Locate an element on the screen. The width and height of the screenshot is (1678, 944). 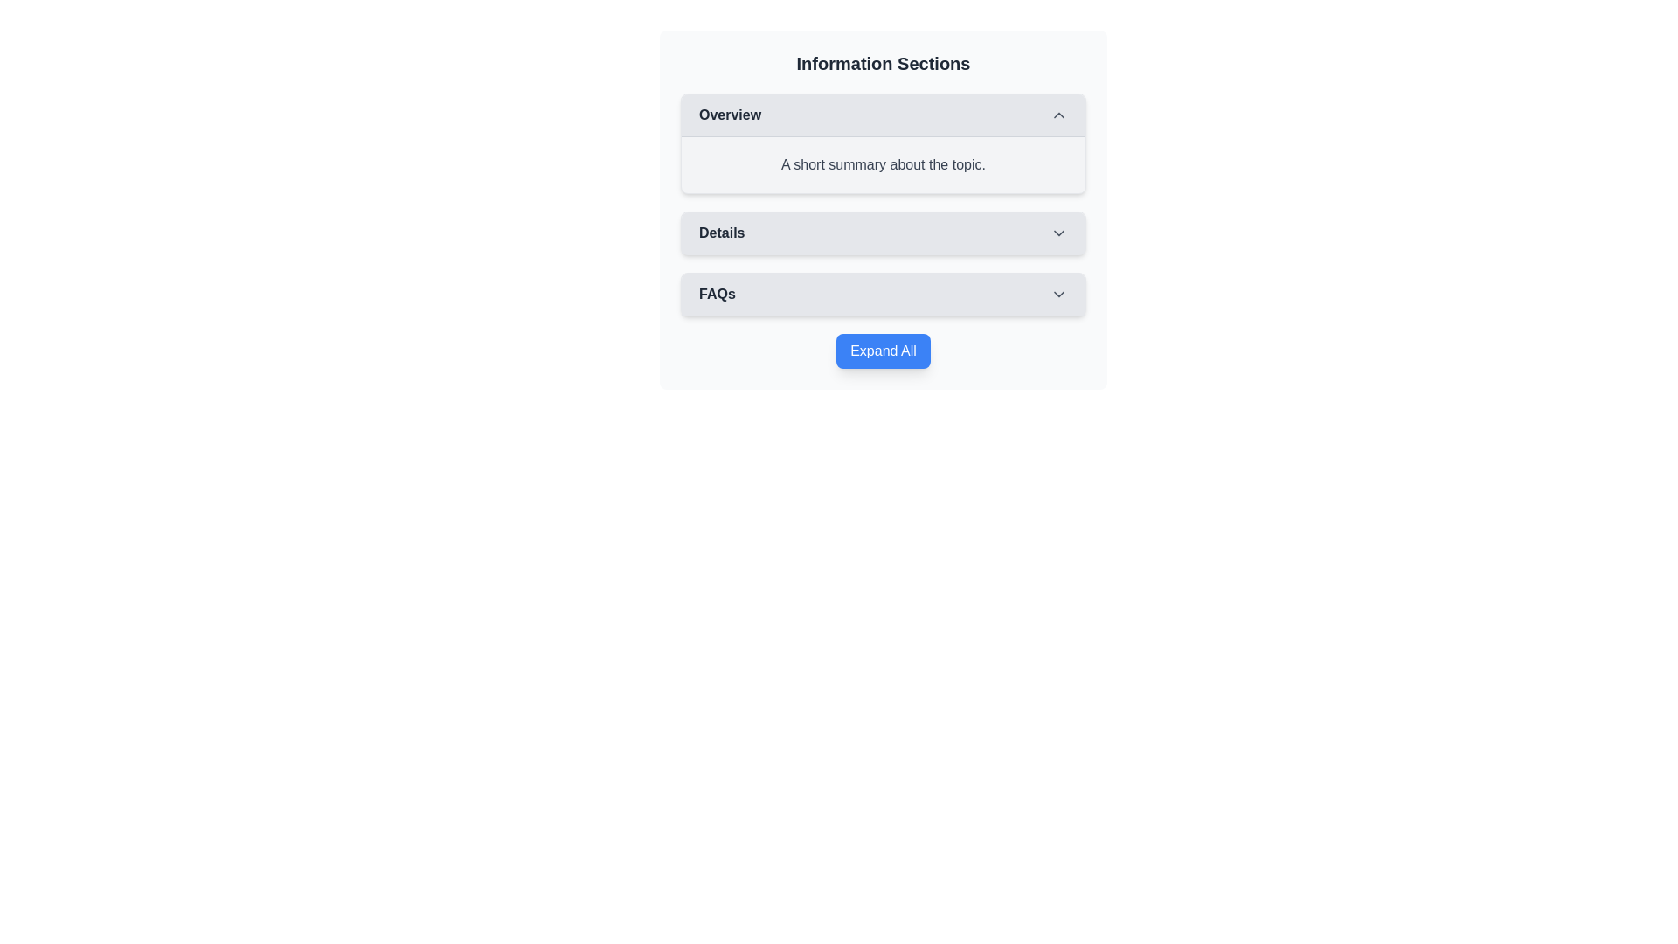
the 'Overview' collapsible section, which features a rounded rectangular box with a light gray background and a chevron indicating its collapsible state is located at coordinates (884, 142).